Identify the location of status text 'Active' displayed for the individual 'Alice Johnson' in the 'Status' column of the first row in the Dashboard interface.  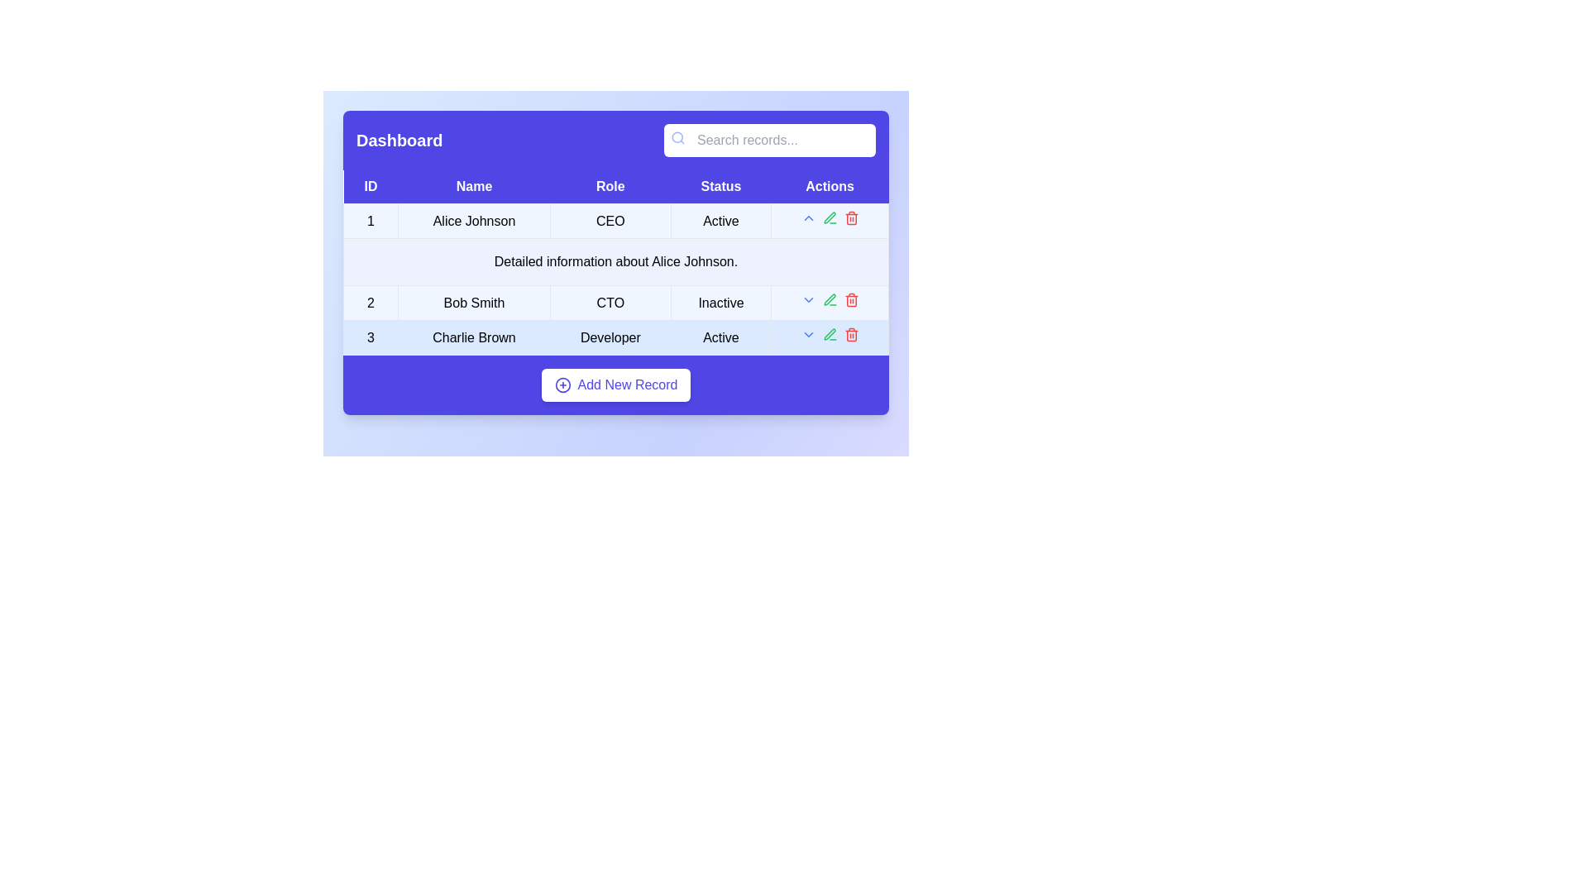
(720, 220).